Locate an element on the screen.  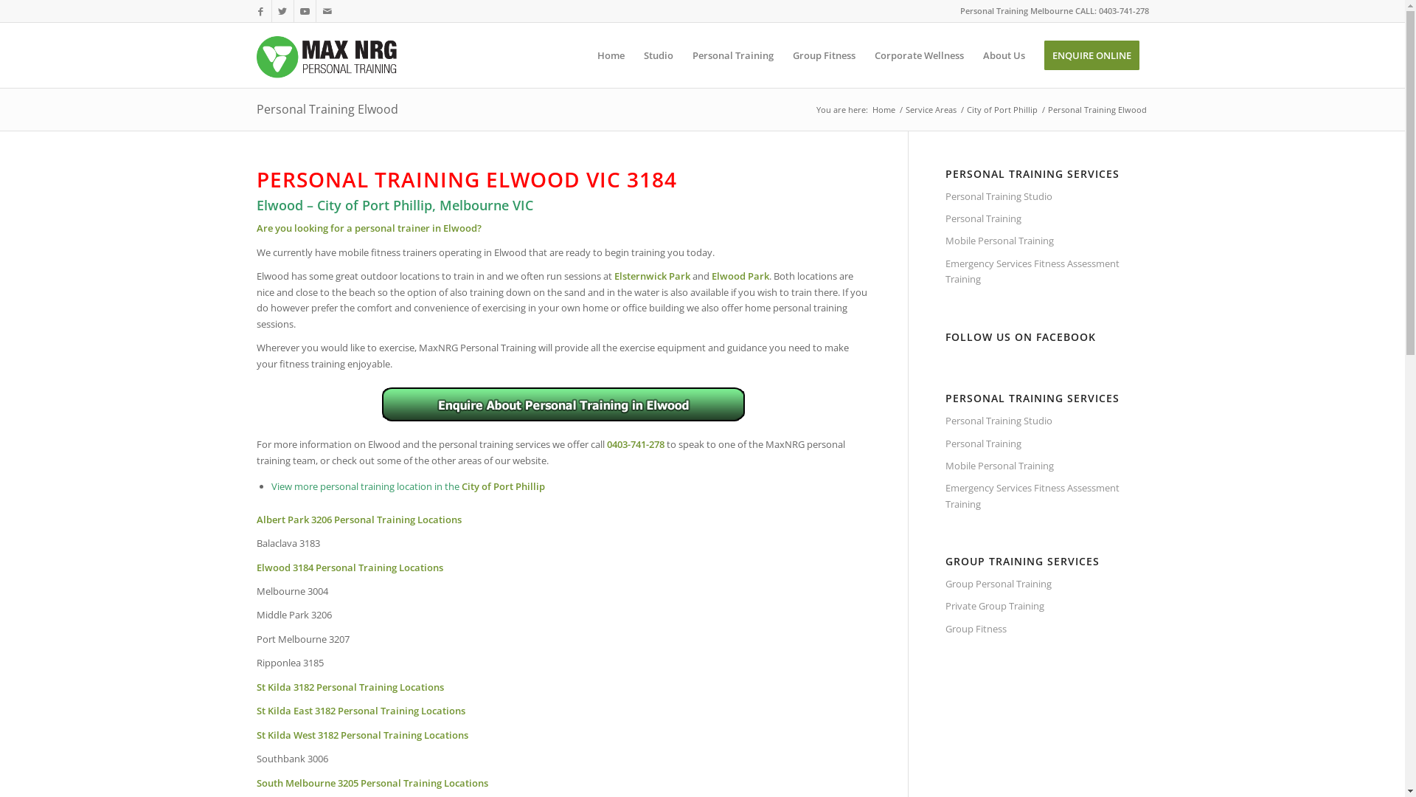
'Mail' is located at coordinates (325, 11).